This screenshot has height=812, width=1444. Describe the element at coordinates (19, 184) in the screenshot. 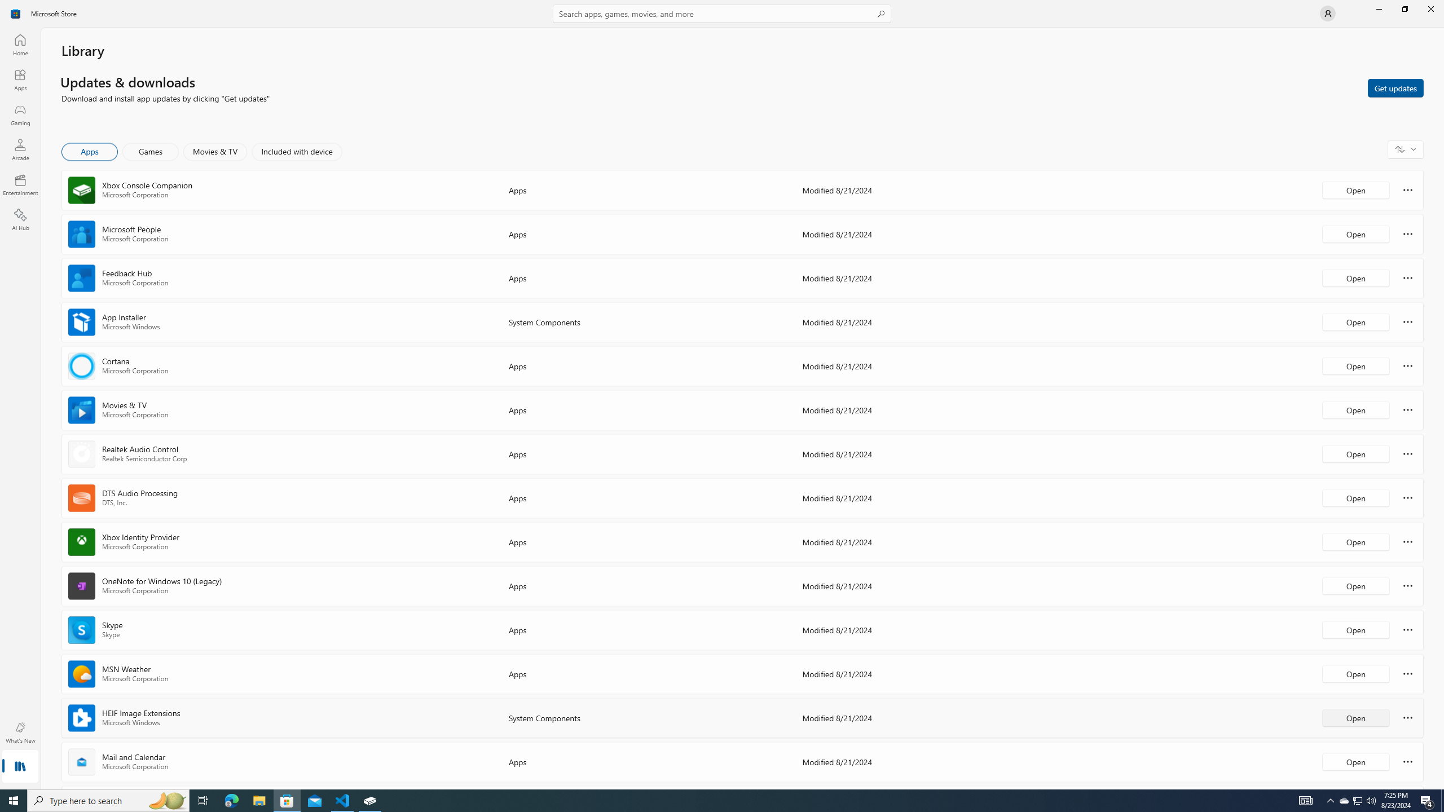

I see `'Entertainment'` at that location.